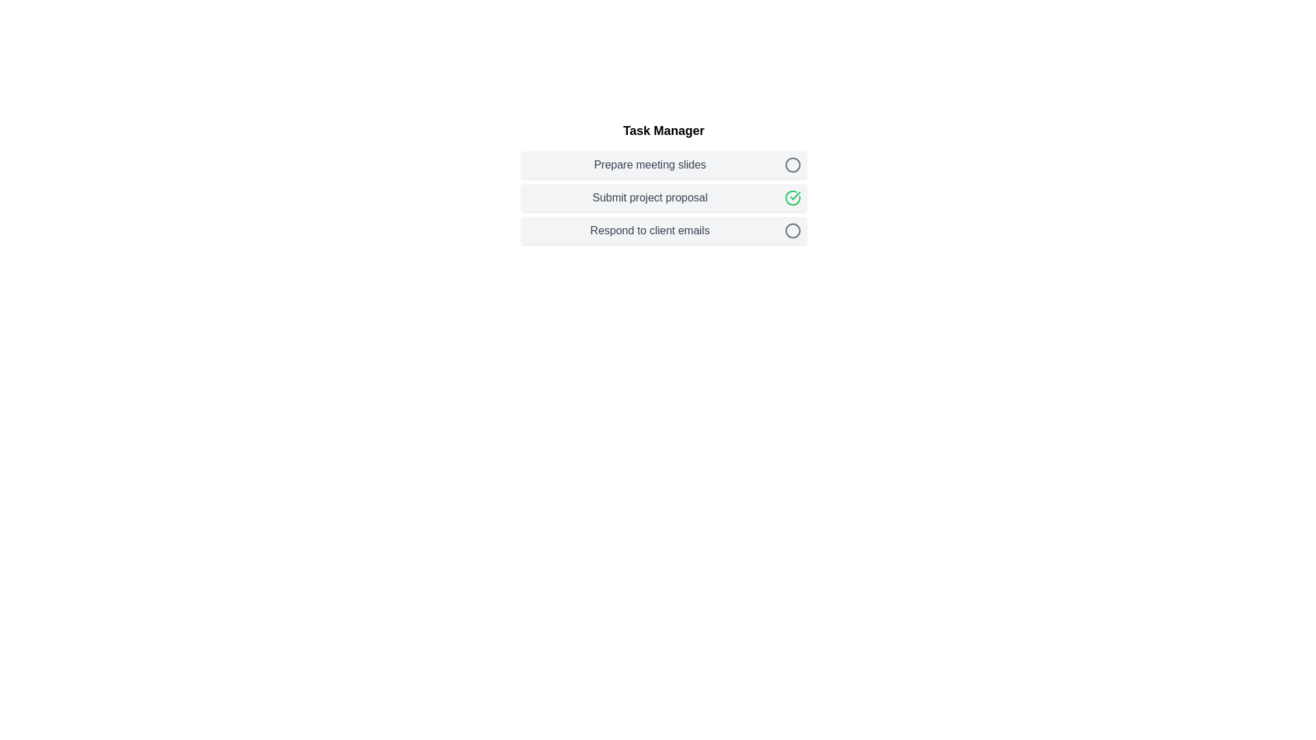  I want to click on the circular icon button outlined in gray at the end of the task item labeled 'Respond to client emails', so click(792, 230).